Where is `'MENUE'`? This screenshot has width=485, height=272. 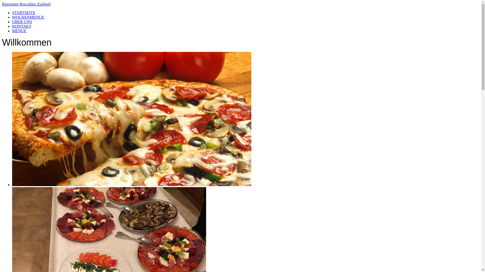
'MENUE' is located at coordinates (12, 31).